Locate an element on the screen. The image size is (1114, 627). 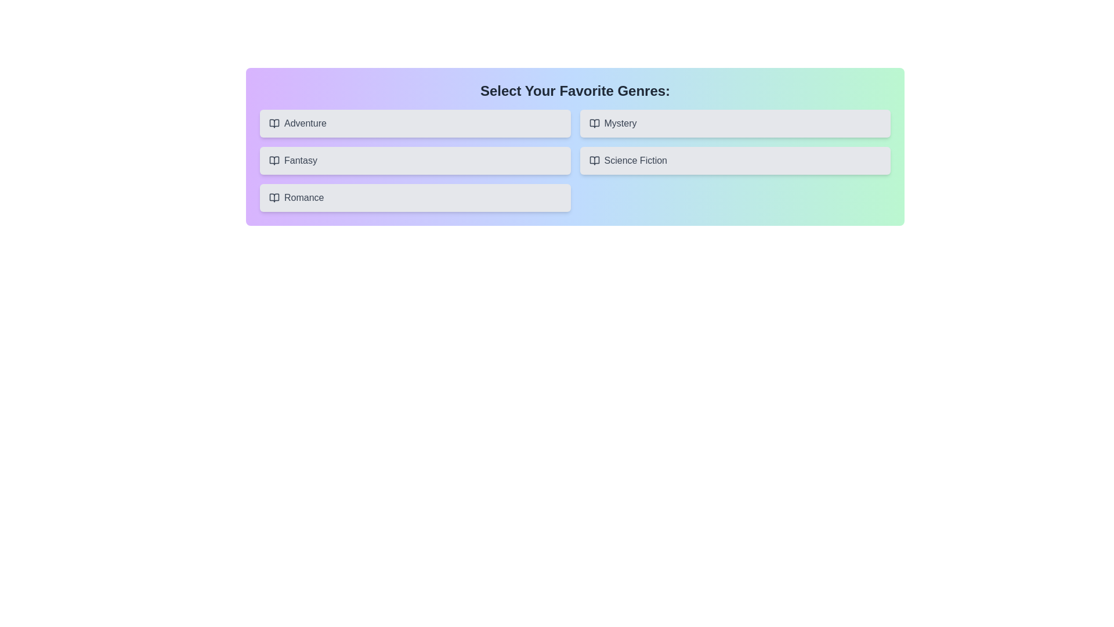
the button corresponding to the genre Adventure is located at coordinates (415, 123).